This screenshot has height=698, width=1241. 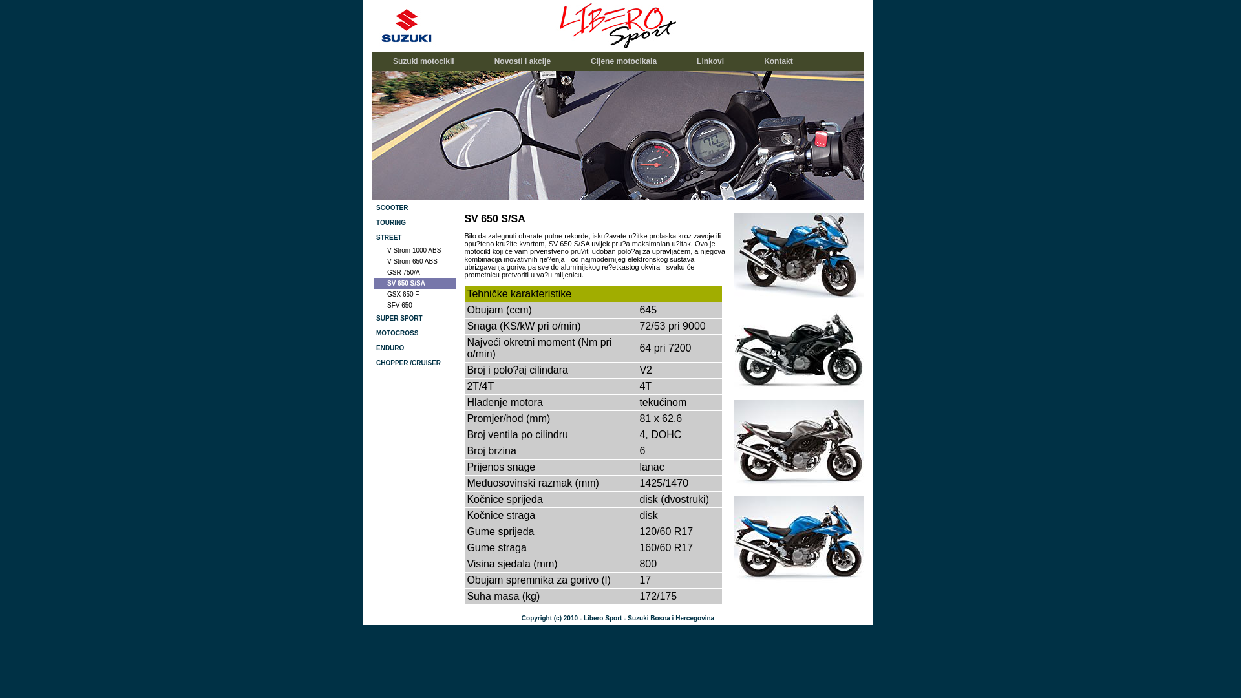 What do you see at coordinates (623, 61) in the screenshot?
I see `'Cijene motocikala'` at bounding box center [623, 61].